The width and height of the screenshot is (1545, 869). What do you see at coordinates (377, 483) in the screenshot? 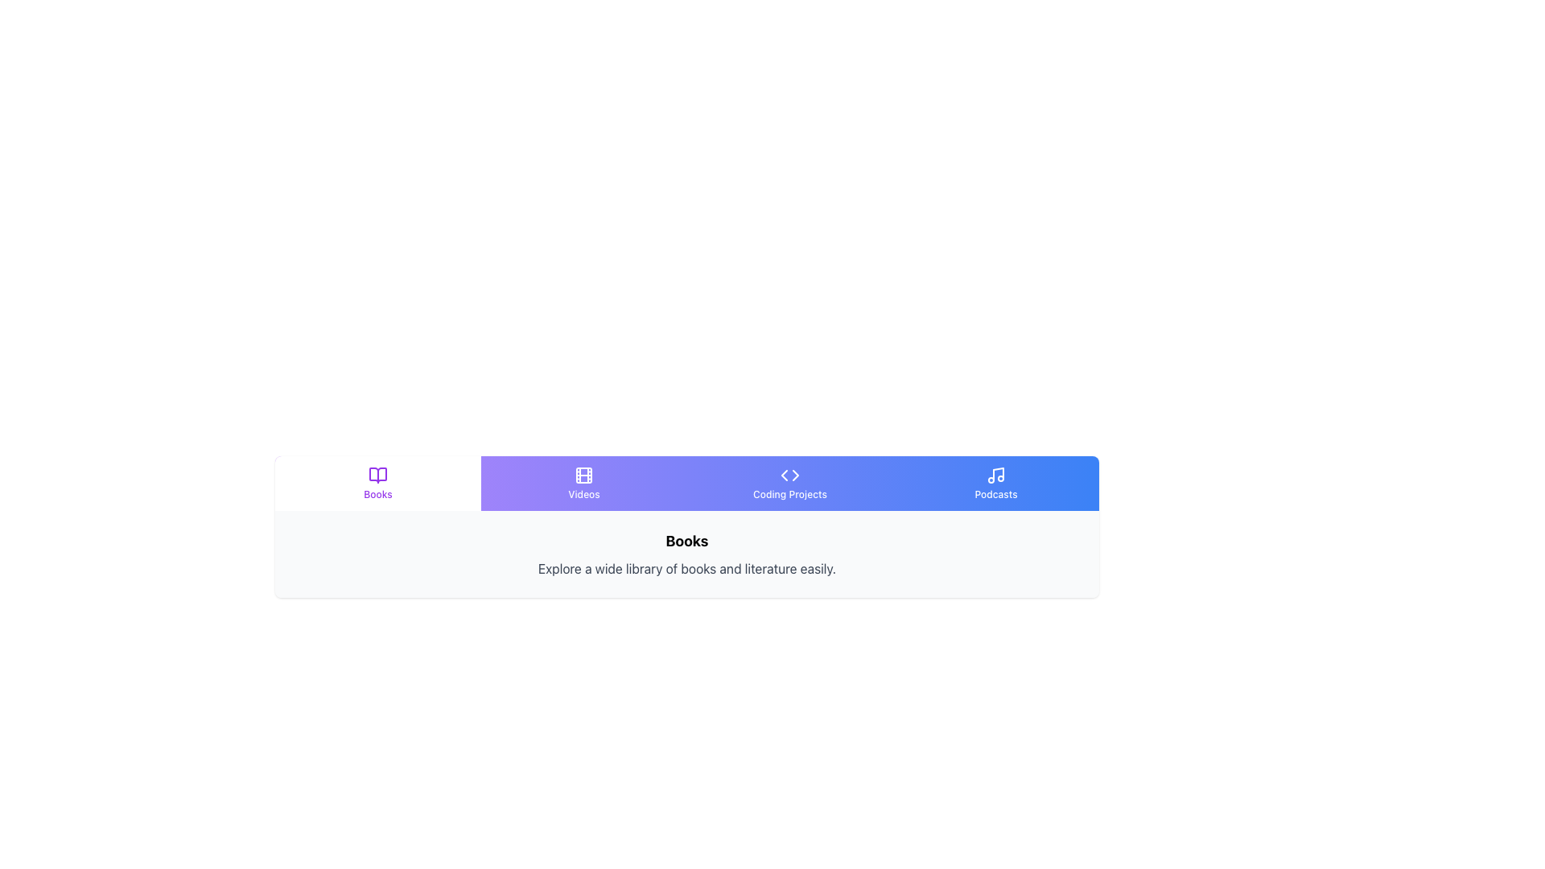
I see `the 'Books' button, which features a purple book icon and purple text on a white background` at bounding box center [377, 483].